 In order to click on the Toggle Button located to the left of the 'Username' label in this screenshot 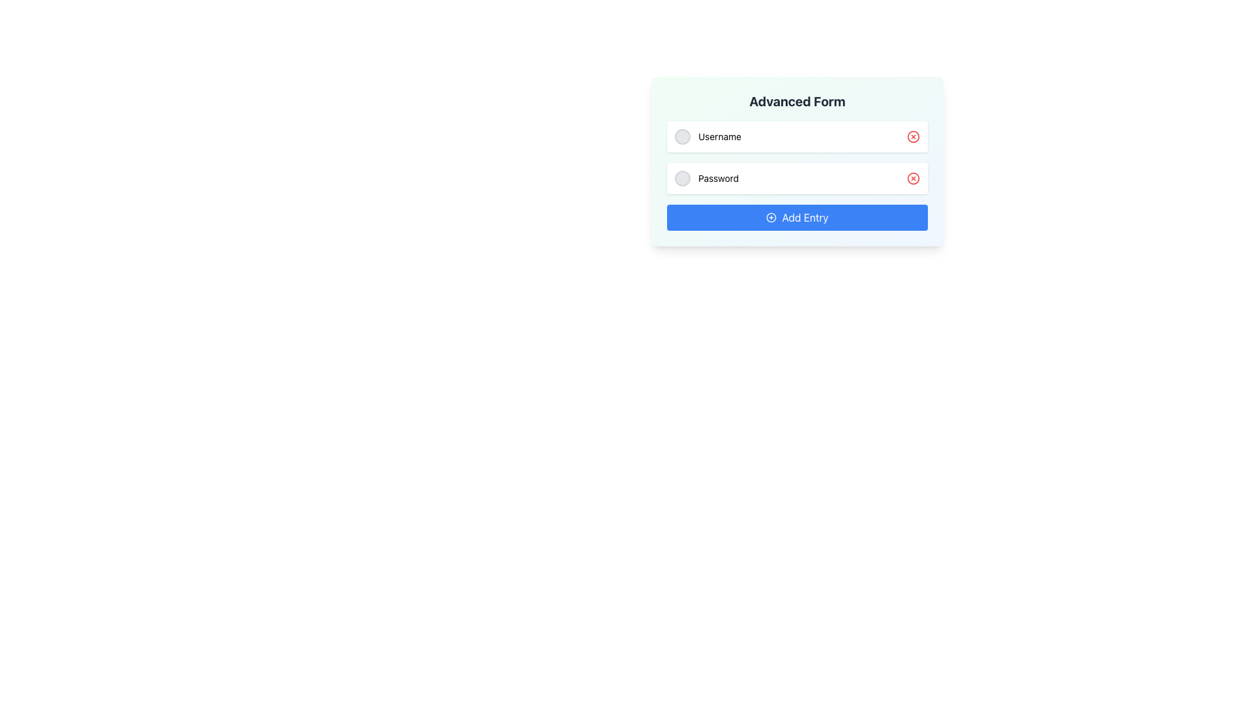, I will do `click(681, 136)`.